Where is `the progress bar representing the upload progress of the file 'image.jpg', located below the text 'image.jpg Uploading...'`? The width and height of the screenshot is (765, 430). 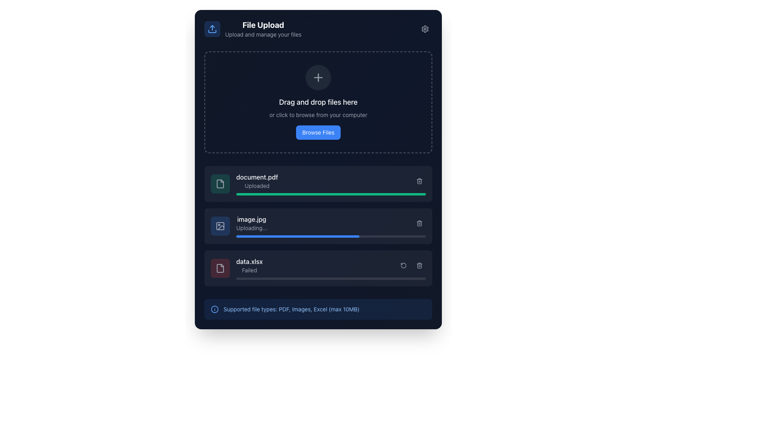
the progress bar representing the upload progress of the file 'image.jpg', located below the text 'image.jpg Uploading...' is located at coordinates (331, 236).